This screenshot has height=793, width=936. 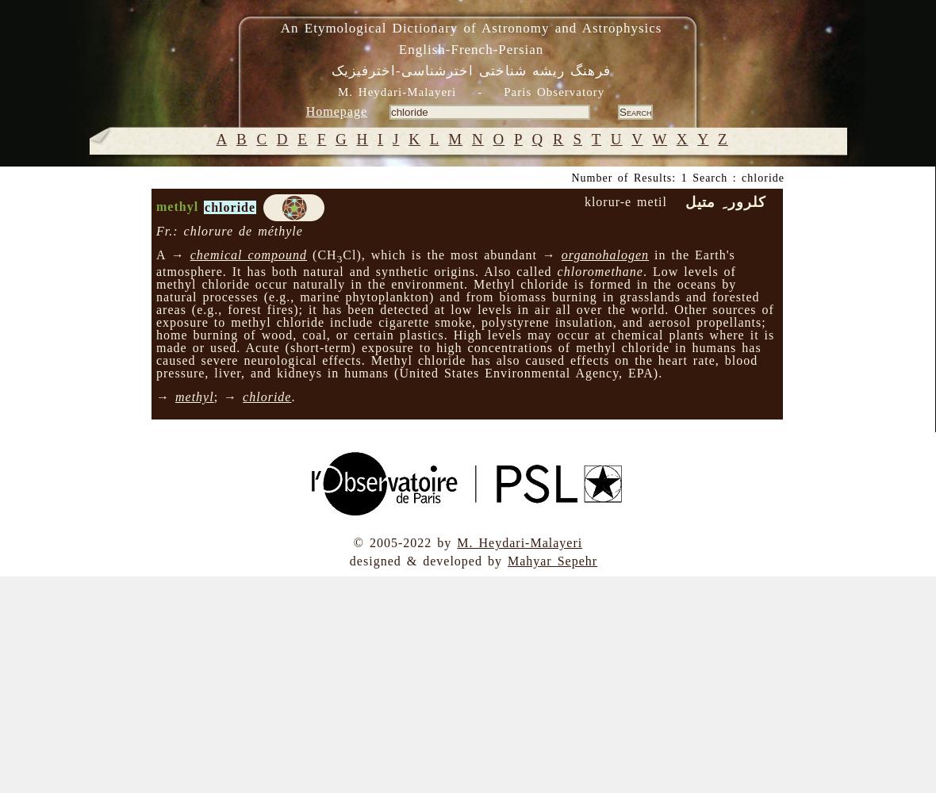 What do you see at coordinates (497, 139) in the screenshot?
I see `'O'` at bounding box center [497, 139].